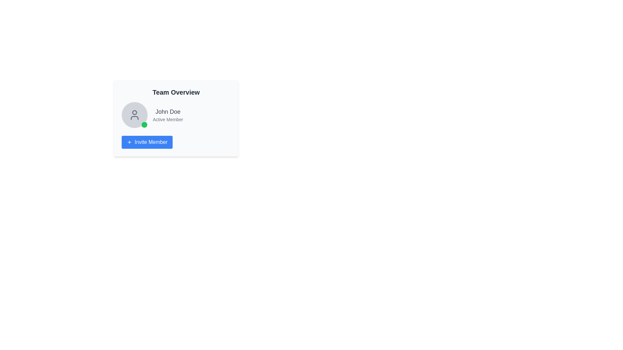 This screenshot has width=623, height=350. I want to click on the Profile Information Block that contains a profile icon, a green status indicator, the name 'John Doe' in bold text, and the label 'Active Member'. This block is centrally positioned below the 'Team Overview' heading and above the 'Invite Member' button, so click(176, 114).